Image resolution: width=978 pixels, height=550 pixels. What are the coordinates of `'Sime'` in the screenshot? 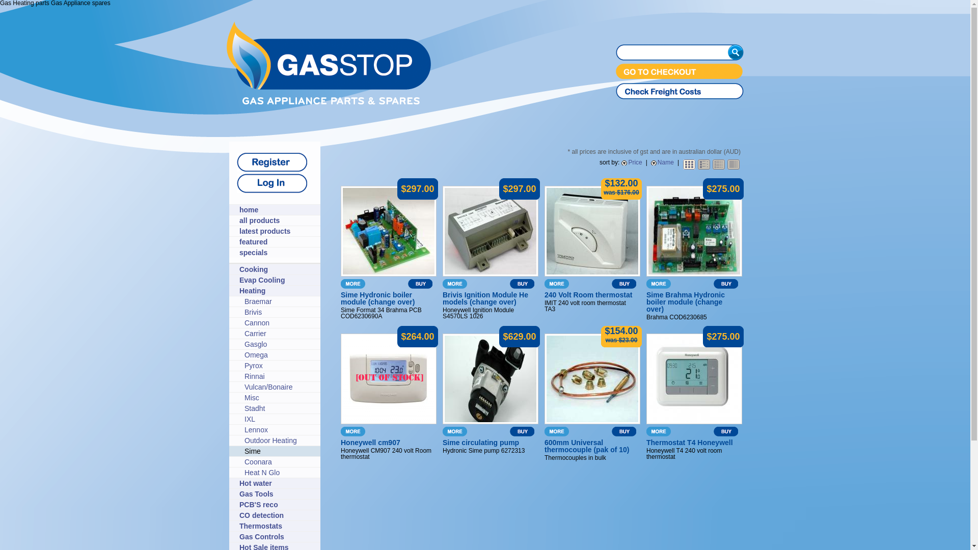 It's located at (280, 451).